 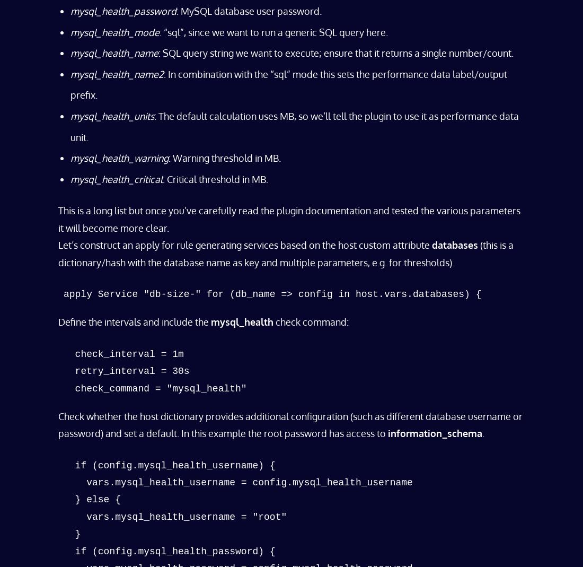 What do you see at coordinates (154, 370) in the screenshot?
I see `'check_interval = 1m
  retry_interval = 30s
  check_command = "mysql_health"'` at bounding box center [154, 370].